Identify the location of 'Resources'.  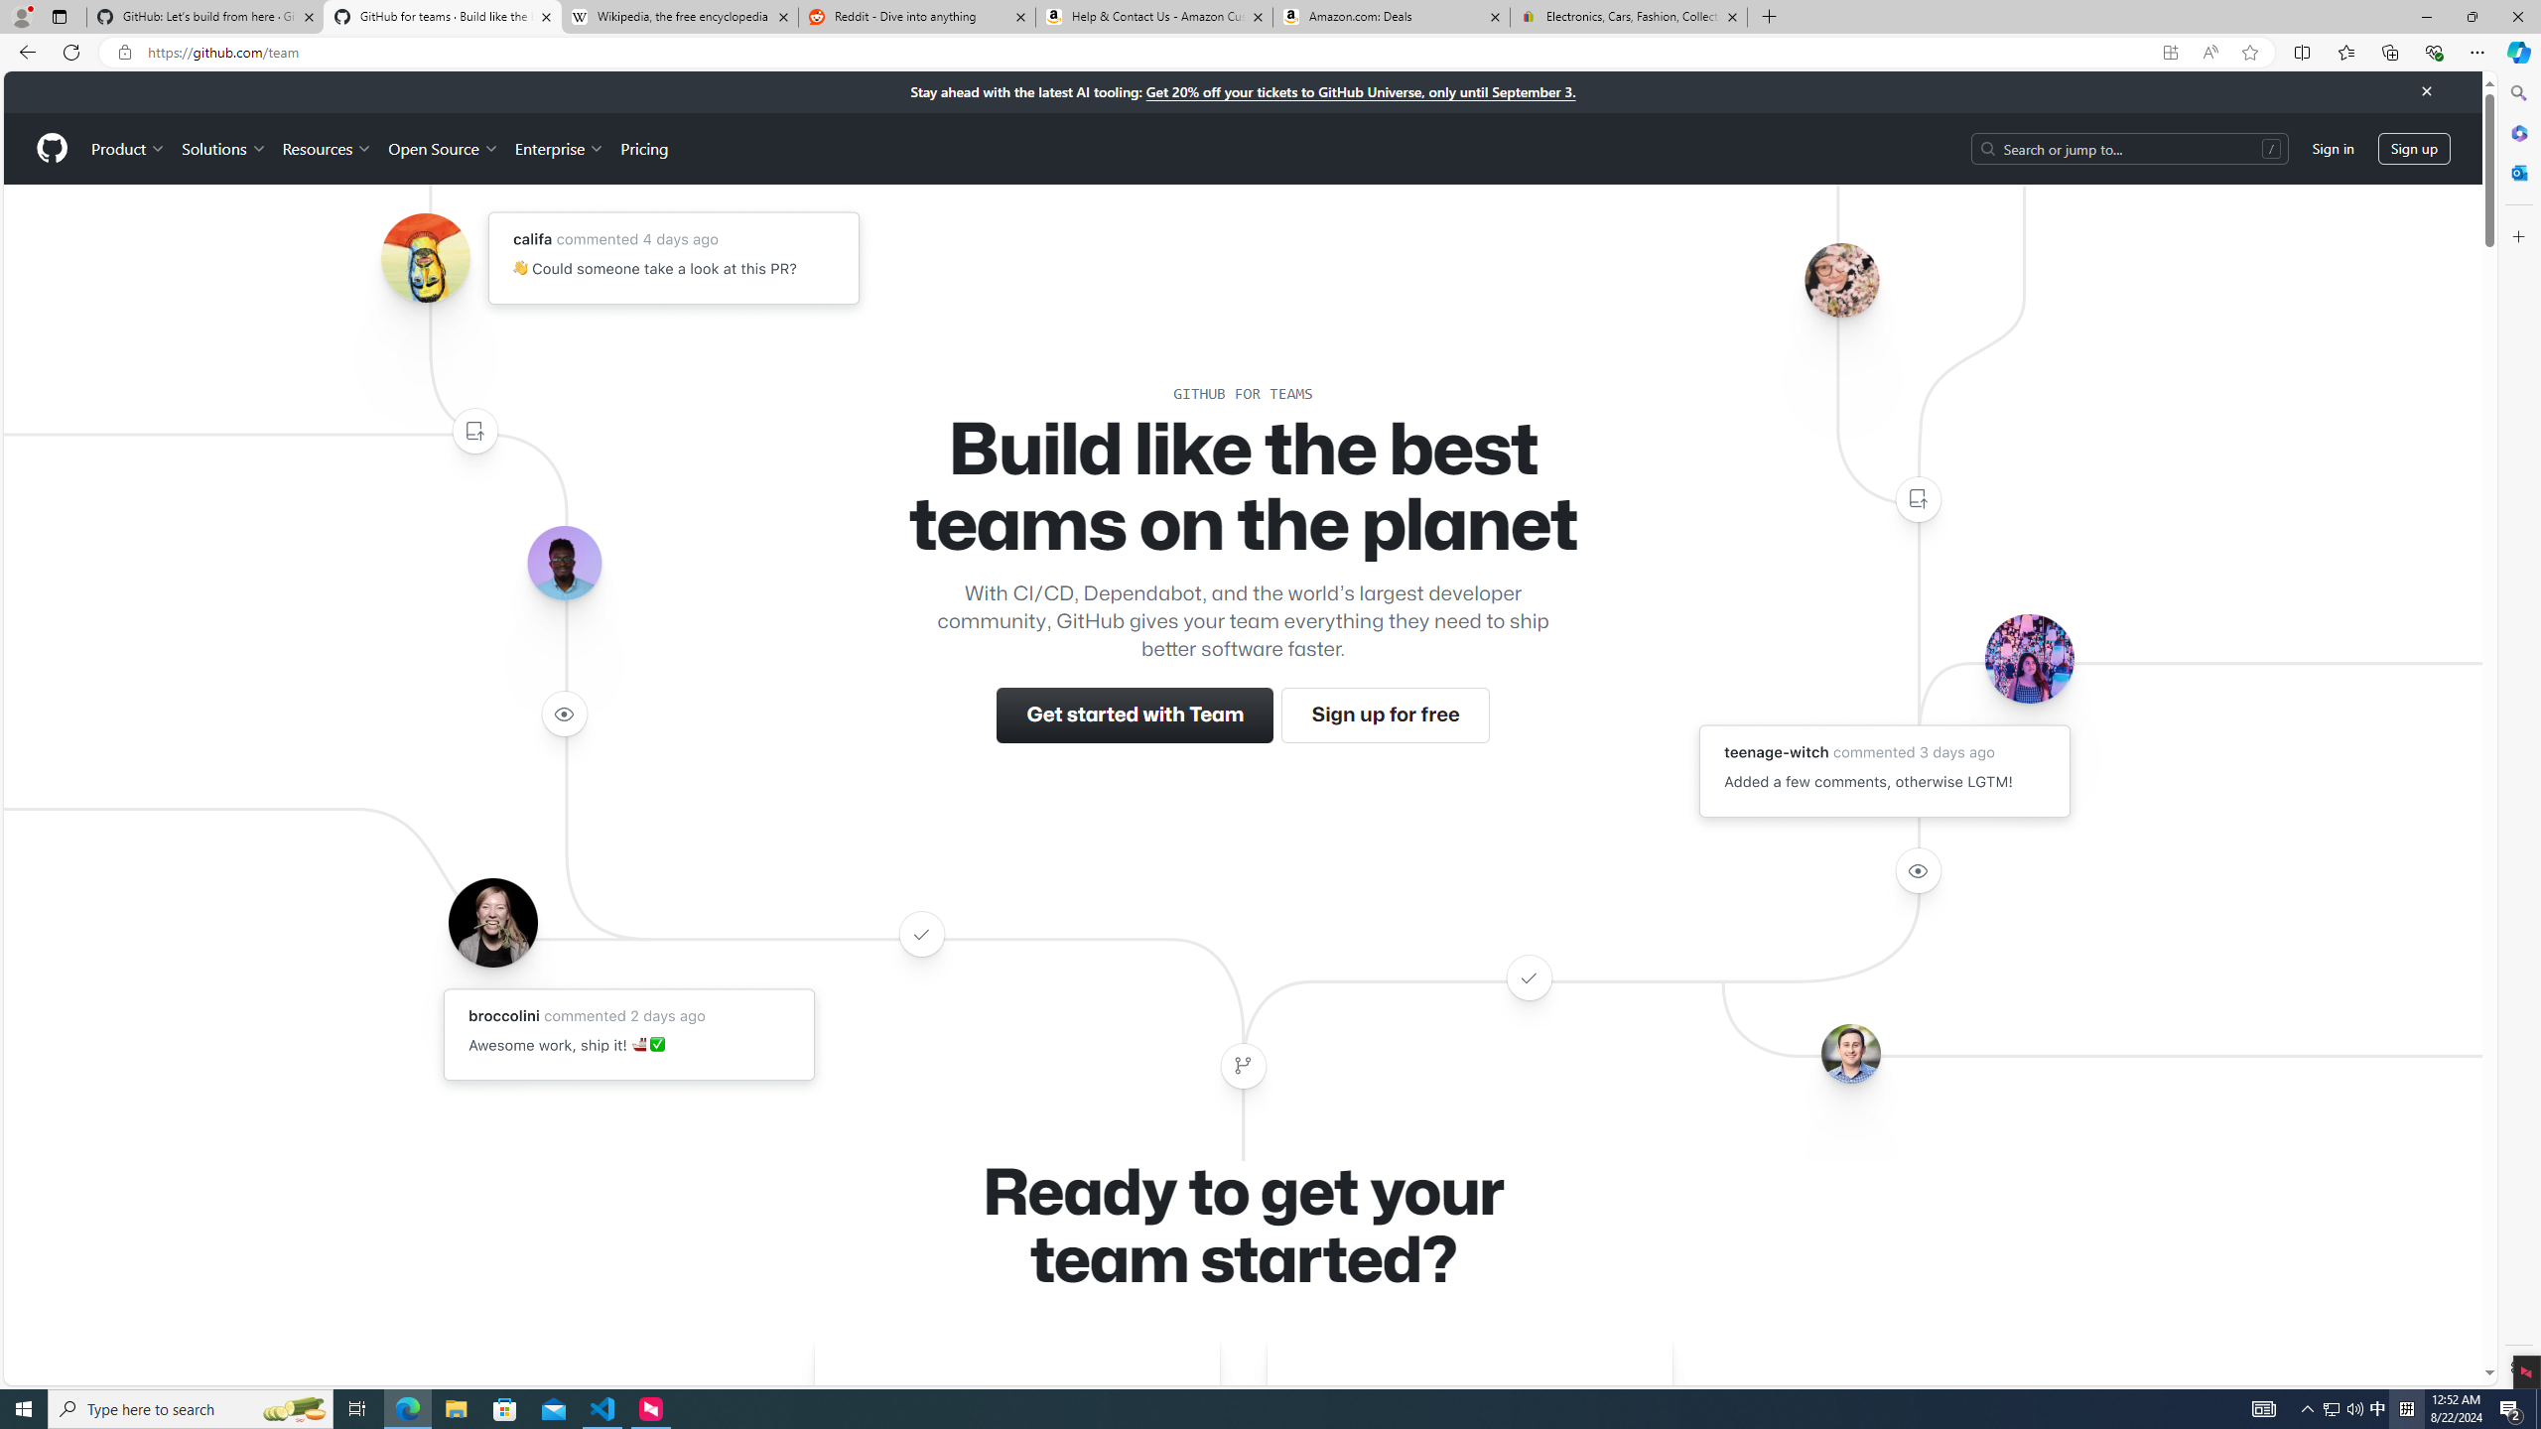
(328, 148).